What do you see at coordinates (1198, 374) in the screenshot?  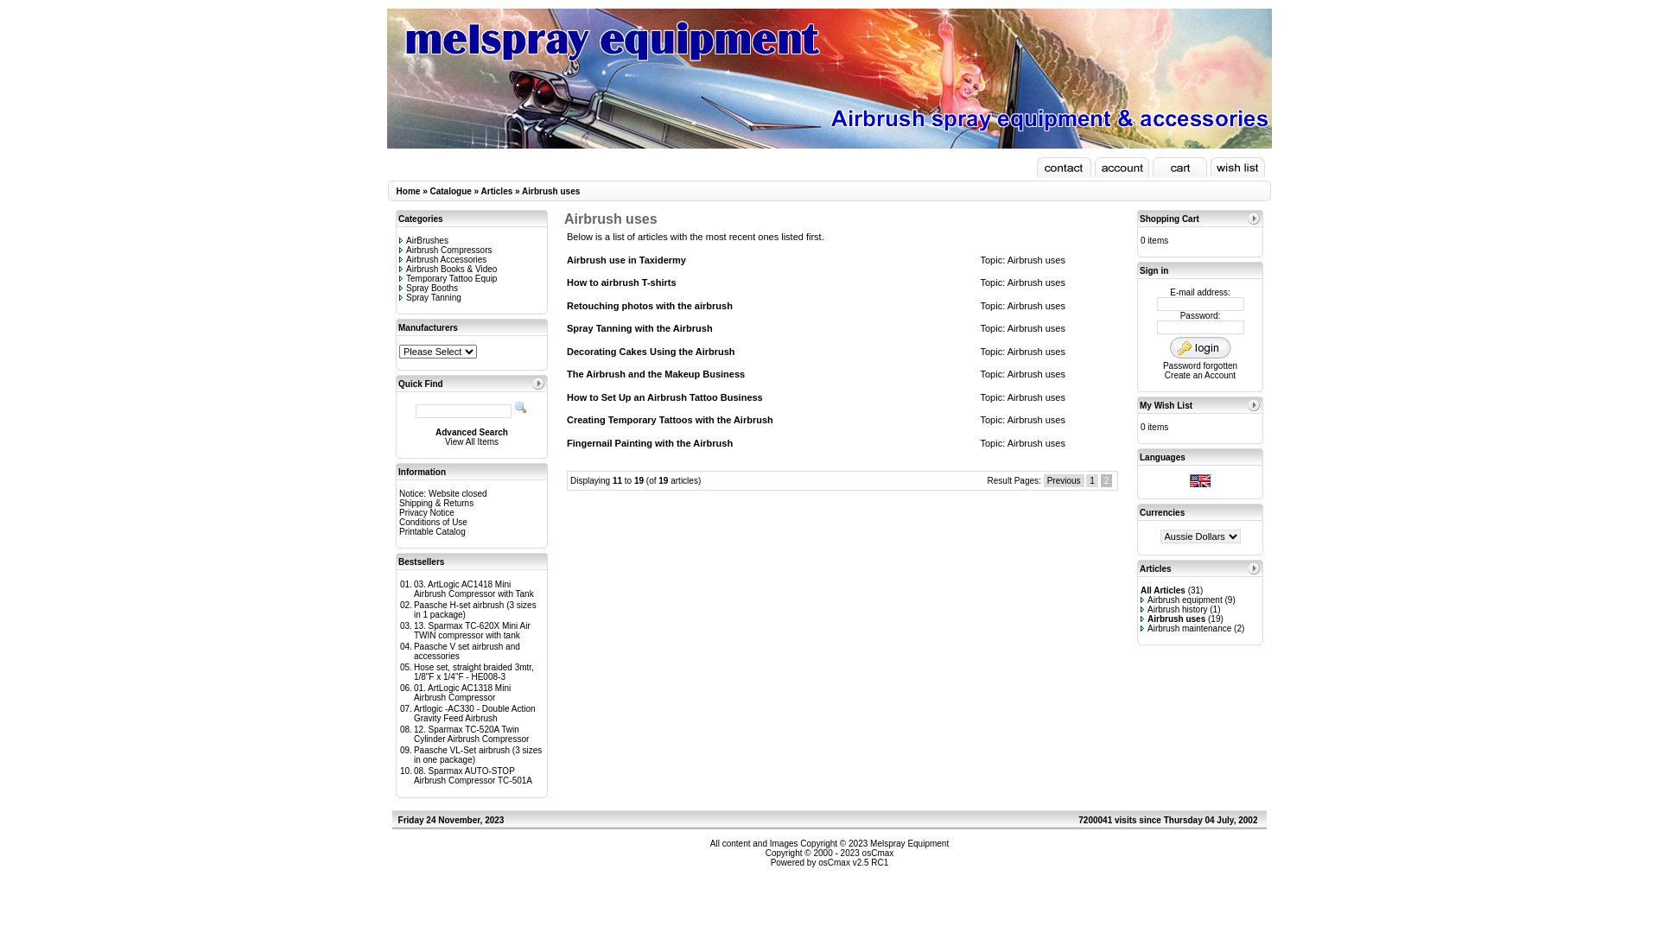 I see `'Create an Account'` at bounding box center [1198, 374].